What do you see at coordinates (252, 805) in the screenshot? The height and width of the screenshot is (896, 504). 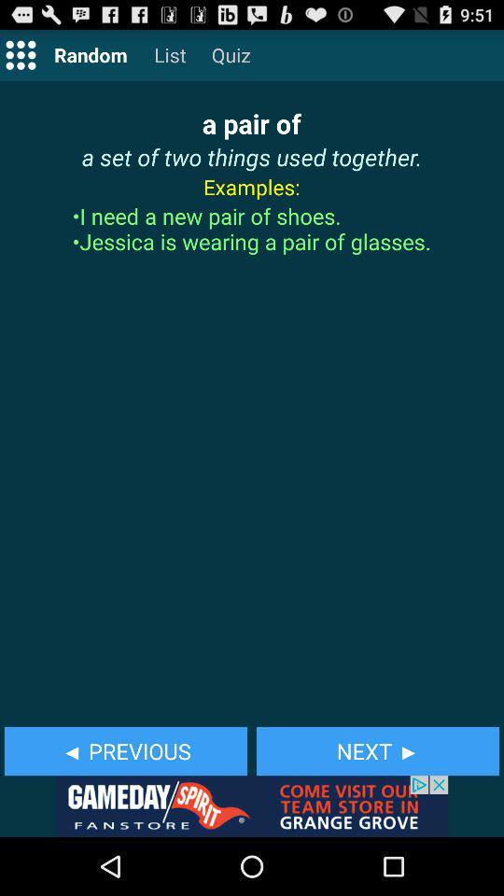 I see `gameday spirit advertisements` at bounding box center [252, 805].